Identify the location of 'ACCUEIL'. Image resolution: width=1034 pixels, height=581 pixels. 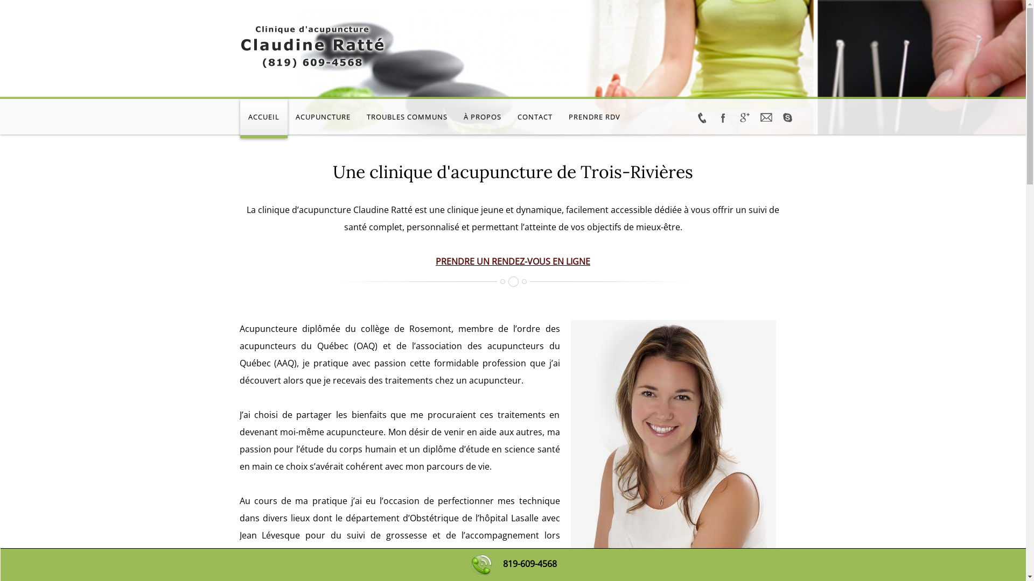
(240, 118).